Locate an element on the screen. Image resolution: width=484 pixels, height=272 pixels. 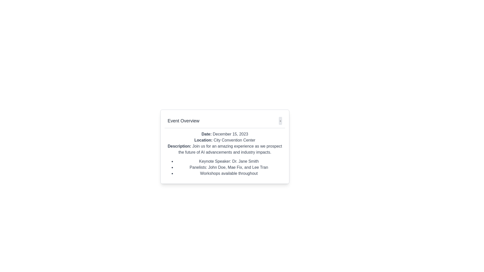
the Bulleted List in the 'Event Overview' section that provides detailed information about the keynote speaker, panelists, and available workshops is located at coordinates (225, 167).